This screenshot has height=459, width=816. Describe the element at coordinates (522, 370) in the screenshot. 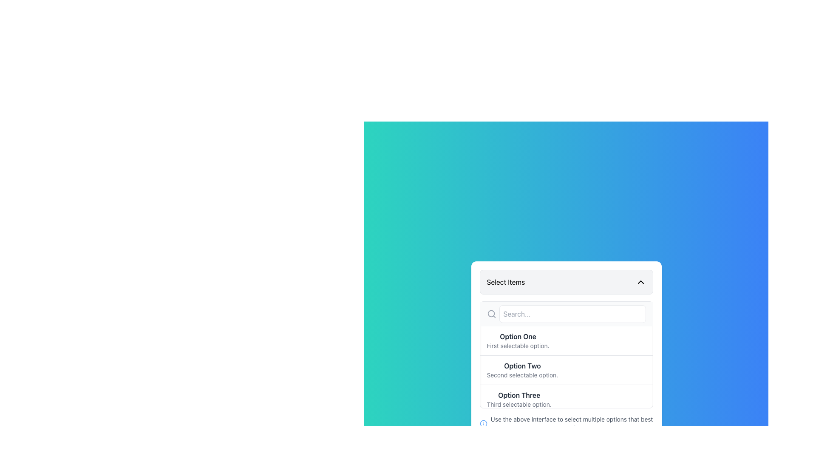

I see `on the 'Option Two' selectable menu option in the dropdown menu, which is located between 'Option One' and 'Option Three'` at that location.